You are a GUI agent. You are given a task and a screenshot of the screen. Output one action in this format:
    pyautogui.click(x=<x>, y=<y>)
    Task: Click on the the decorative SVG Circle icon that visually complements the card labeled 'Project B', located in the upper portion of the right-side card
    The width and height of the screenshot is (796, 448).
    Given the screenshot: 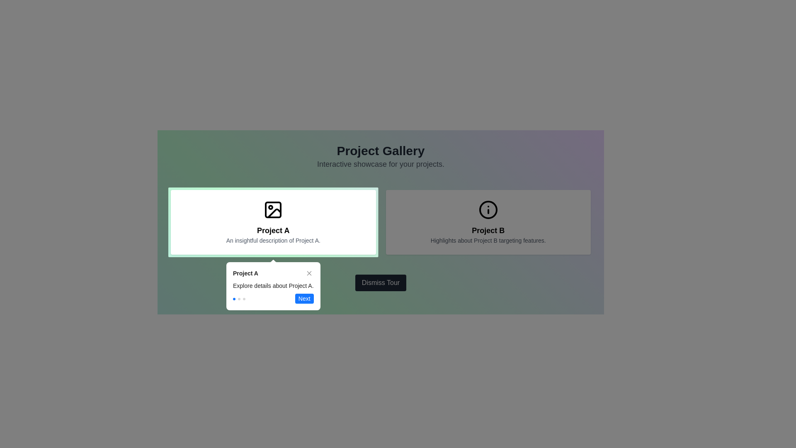 What is the action you would take?
    pyautogui.click(x=488, y=209)
    